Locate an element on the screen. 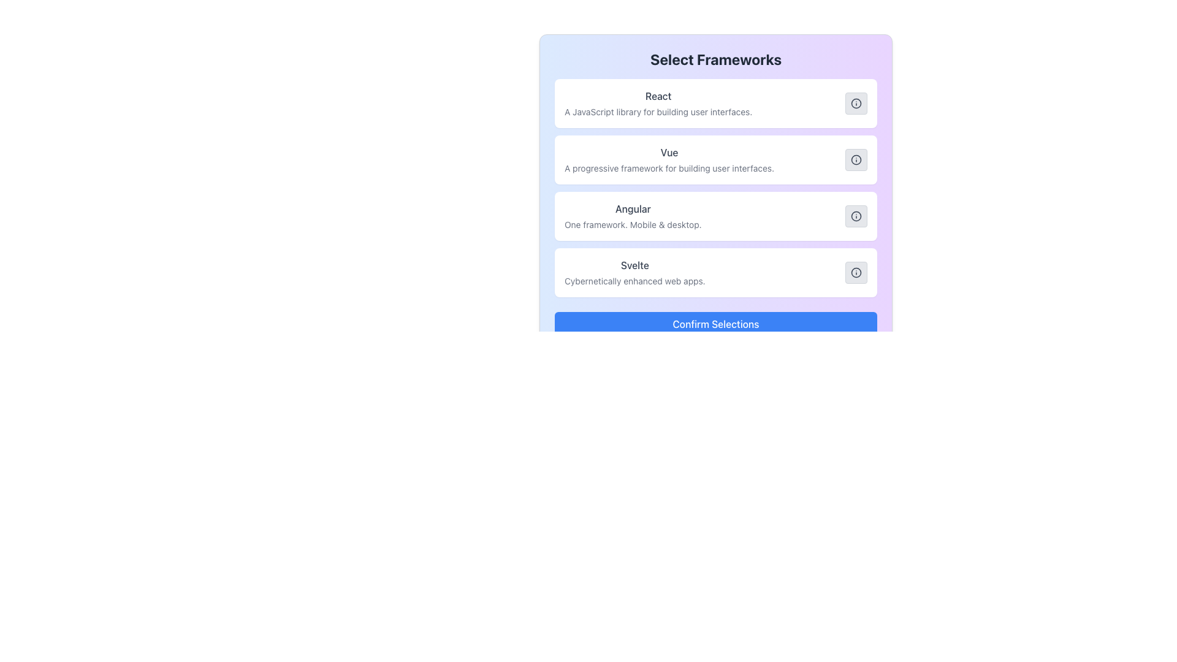  static text stating 'A progressive framework for building user interfaces.' positioned beneath the header 'Vue' in the 'Select Frameworks' list for informational purposes is located at coordinates (669, 168).